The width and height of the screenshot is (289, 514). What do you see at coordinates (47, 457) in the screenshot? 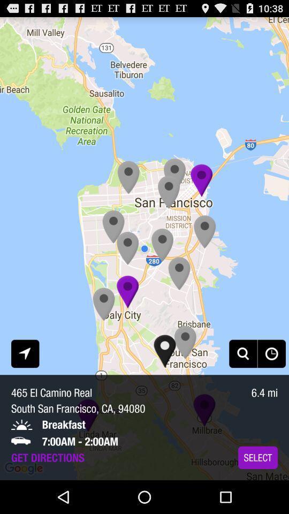
I see `item to the left of the select app` at bounding box center [47, 457].